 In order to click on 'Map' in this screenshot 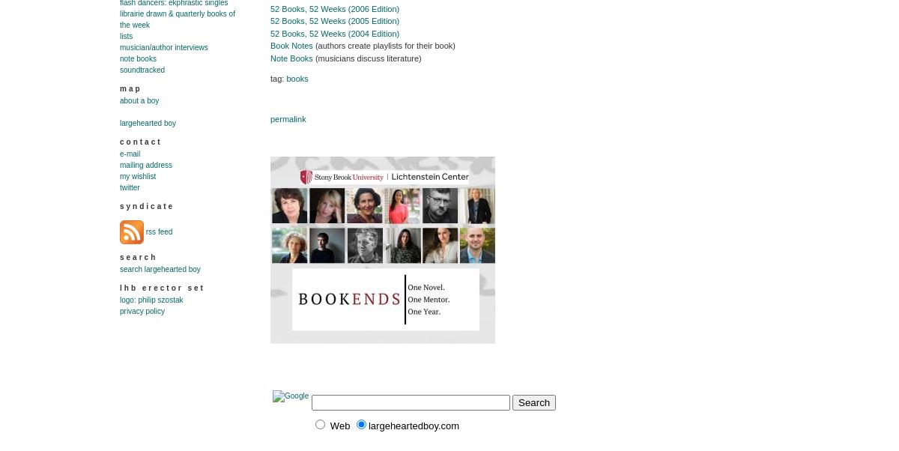, I will do `click(118, 88)`.